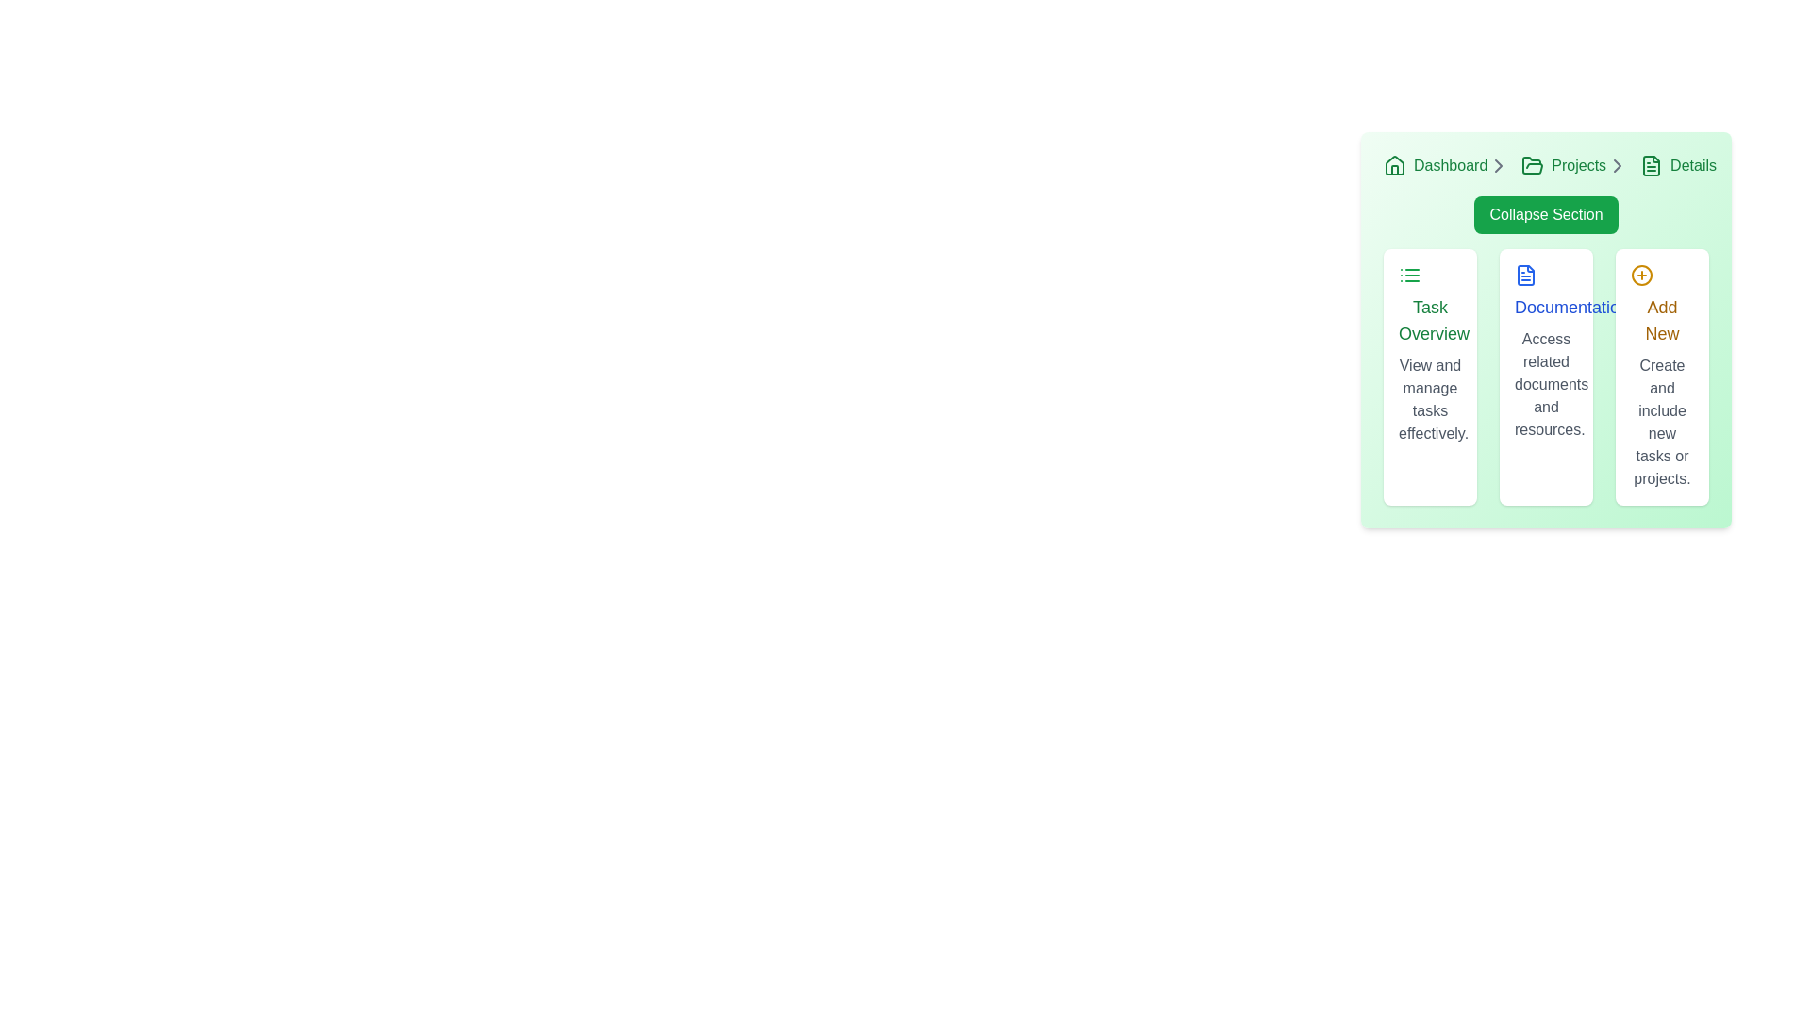  What do you see at coordinates (1446, 165) in the screenshot?
I see `the breadcrumb link that navigates to the 'Dashboard' section of the application` at bounding box center [1446, 165].